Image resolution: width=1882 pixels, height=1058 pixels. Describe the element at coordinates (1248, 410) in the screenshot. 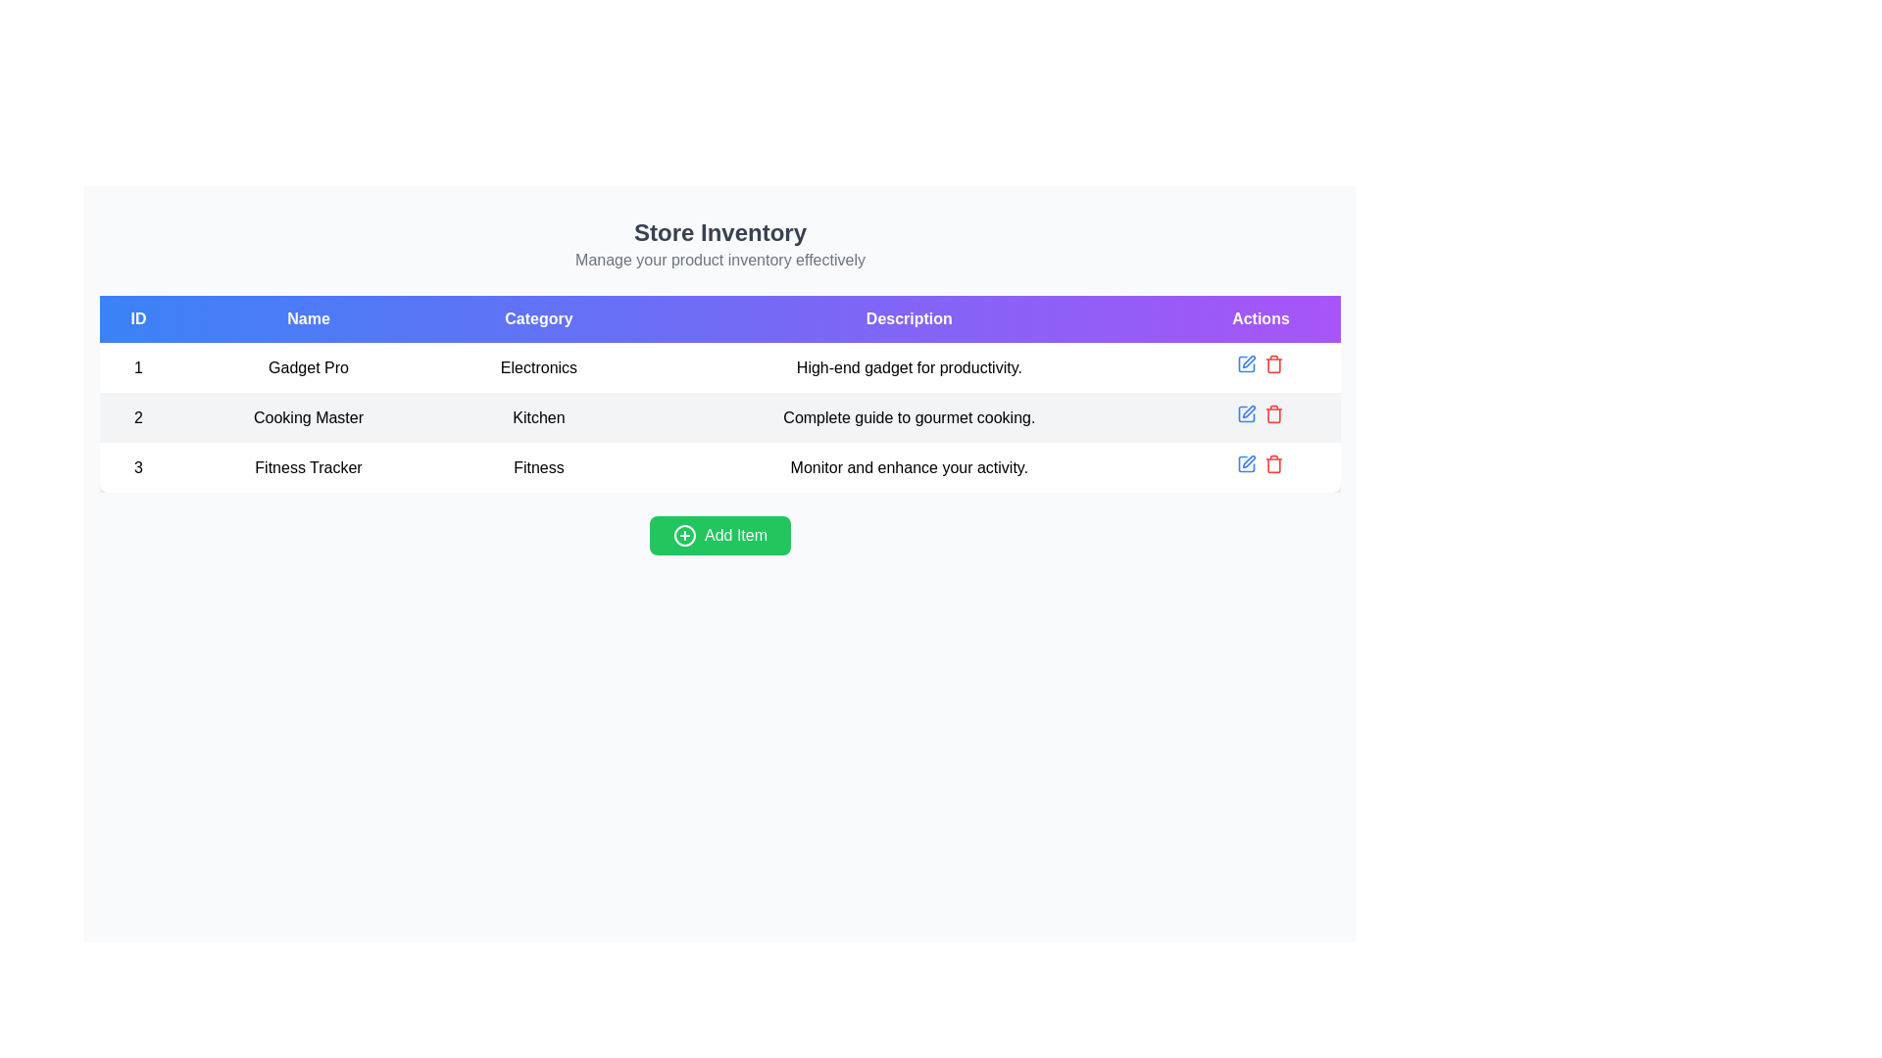

I see `the pen icon in the 'Actions' column for the 'Cooking Master' row` at that location.